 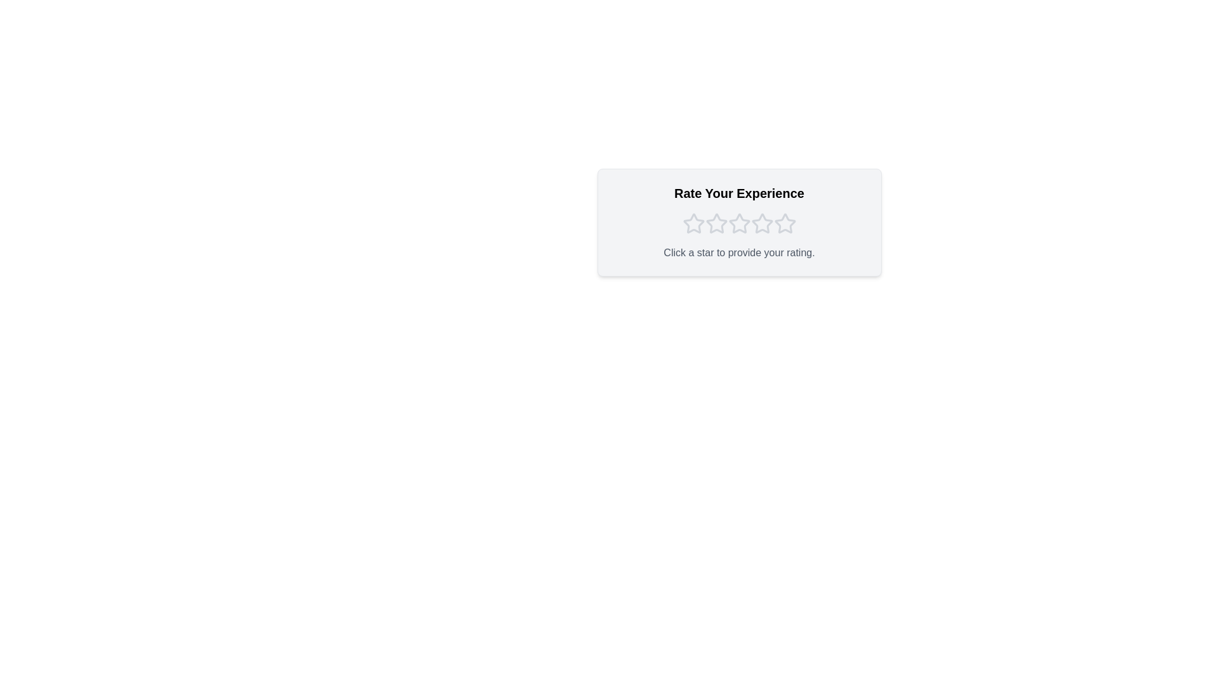 I want to click on the star corresponding to the rating 2 to set the rating, so click(x=716, y=223).